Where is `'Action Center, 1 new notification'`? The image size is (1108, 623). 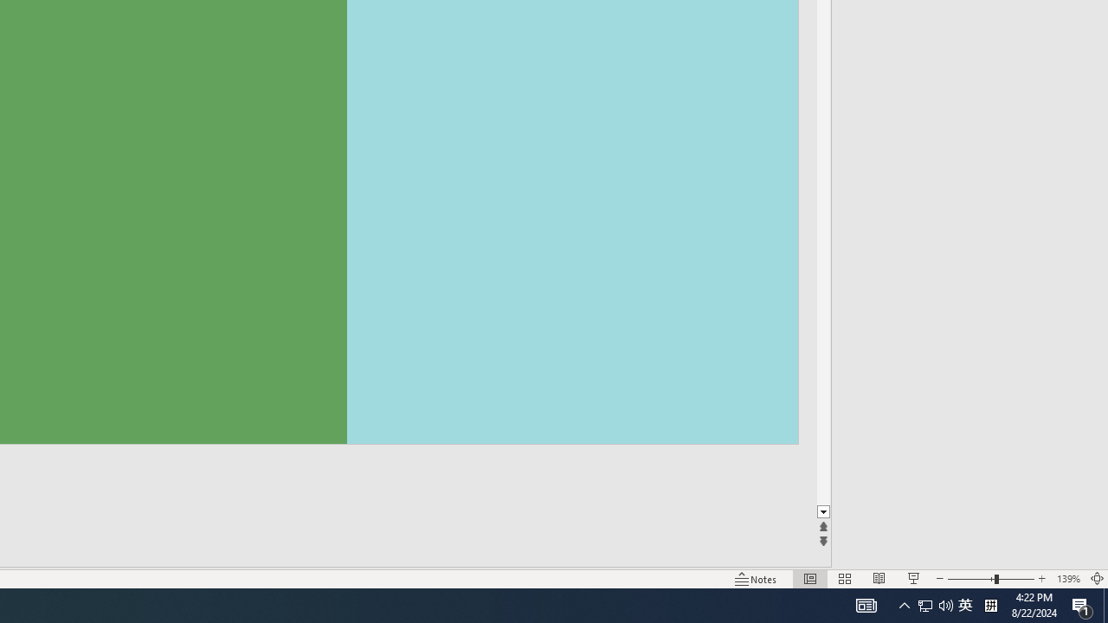 'Action Center, 1 new notification' is located at coordinates (1105, 604).